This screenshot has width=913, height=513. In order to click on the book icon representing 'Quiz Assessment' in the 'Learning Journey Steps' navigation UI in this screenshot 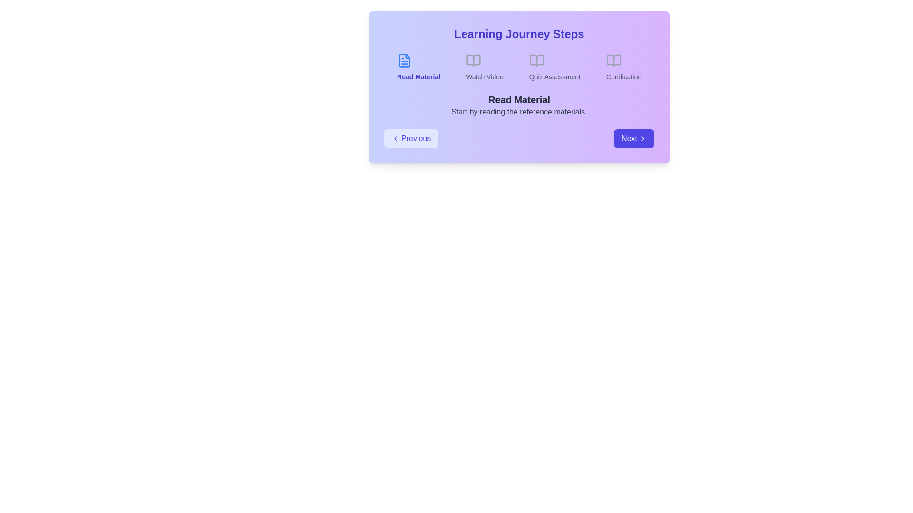, I will do `click(536, 60)`.